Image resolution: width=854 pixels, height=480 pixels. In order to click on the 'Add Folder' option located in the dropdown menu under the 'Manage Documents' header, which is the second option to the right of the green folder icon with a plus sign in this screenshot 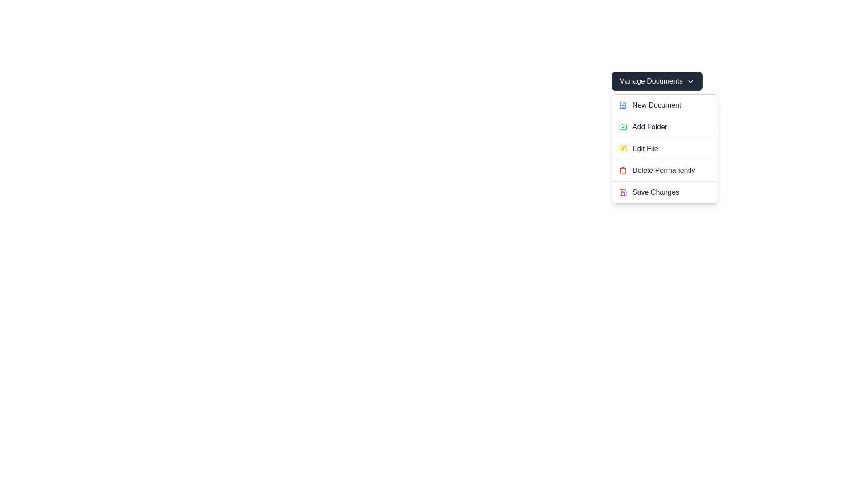, I will do `click(650, 127)`.